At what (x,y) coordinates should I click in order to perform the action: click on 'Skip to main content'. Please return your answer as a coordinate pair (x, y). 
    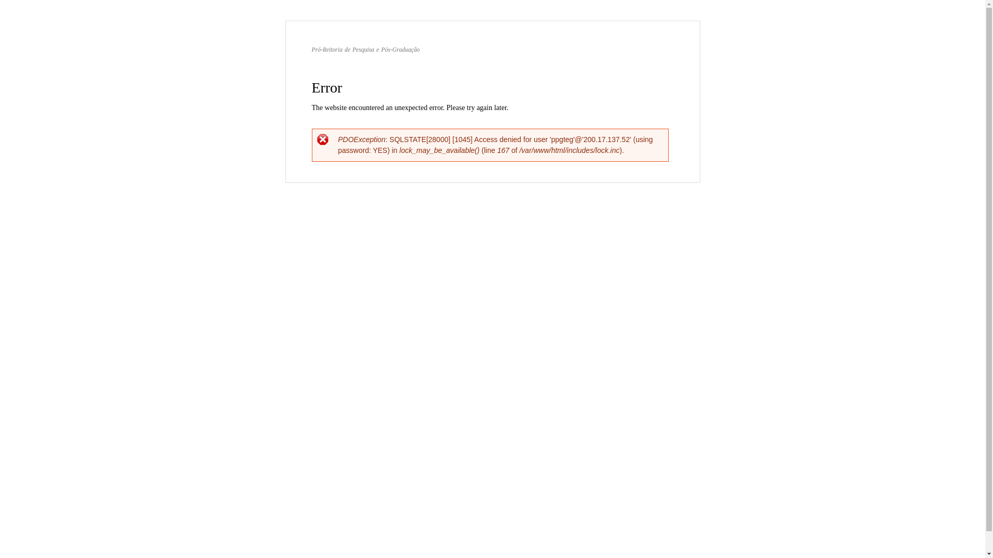
    Looking at the image, I should click on (470, 22).